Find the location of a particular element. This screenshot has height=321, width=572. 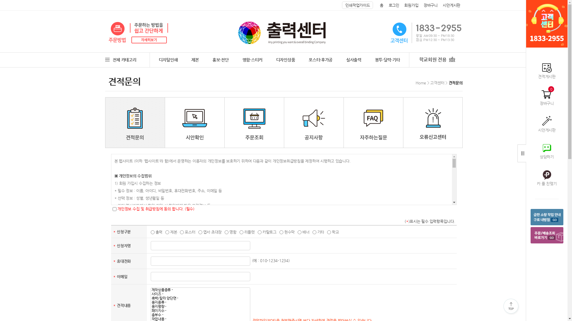

'Home' is located at coordinates (415, 83).